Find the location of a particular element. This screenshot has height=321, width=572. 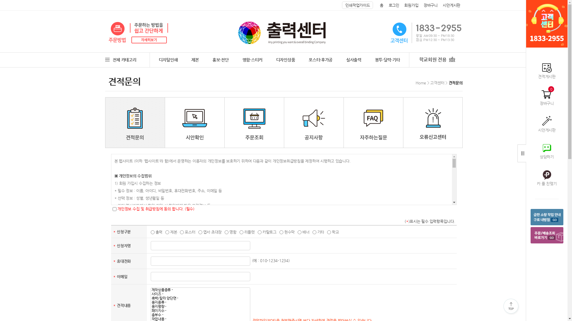

'Home' is located at coordinates (415, 83).